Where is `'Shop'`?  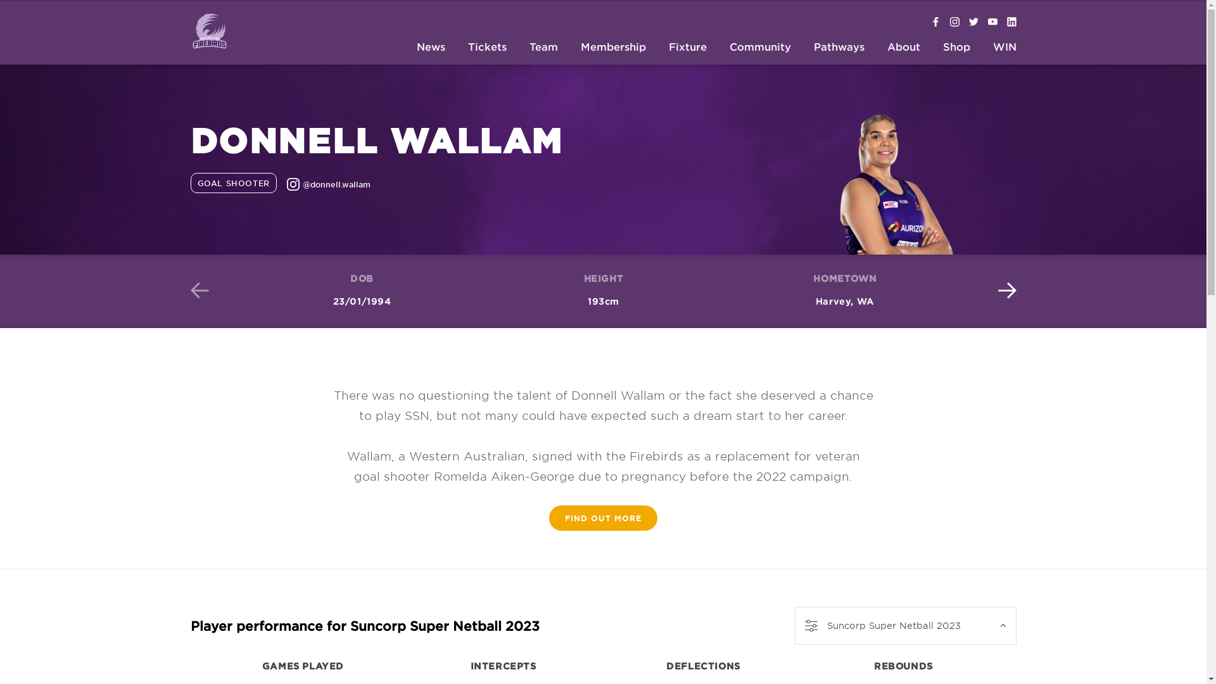 'Shop' is located at coordinates (956, 47).